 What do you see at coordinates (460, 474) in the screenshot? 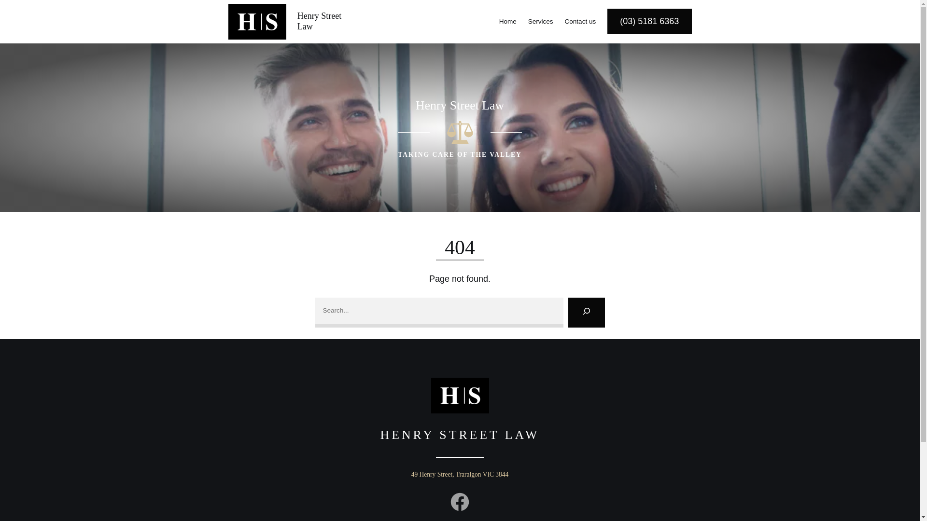
I see `'49 Henry Street, Traralgon VIC 3844'` at bounding box center [460, 474].